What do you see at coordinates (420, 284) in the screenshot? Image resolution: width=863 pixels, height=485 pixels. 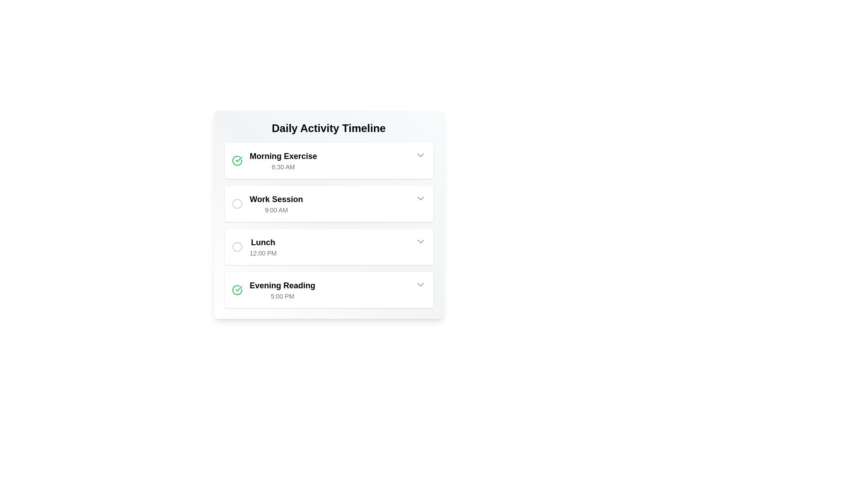 I see `the chevron-down icon on the Dropdown toggle button` at bounding box center [420, 284].